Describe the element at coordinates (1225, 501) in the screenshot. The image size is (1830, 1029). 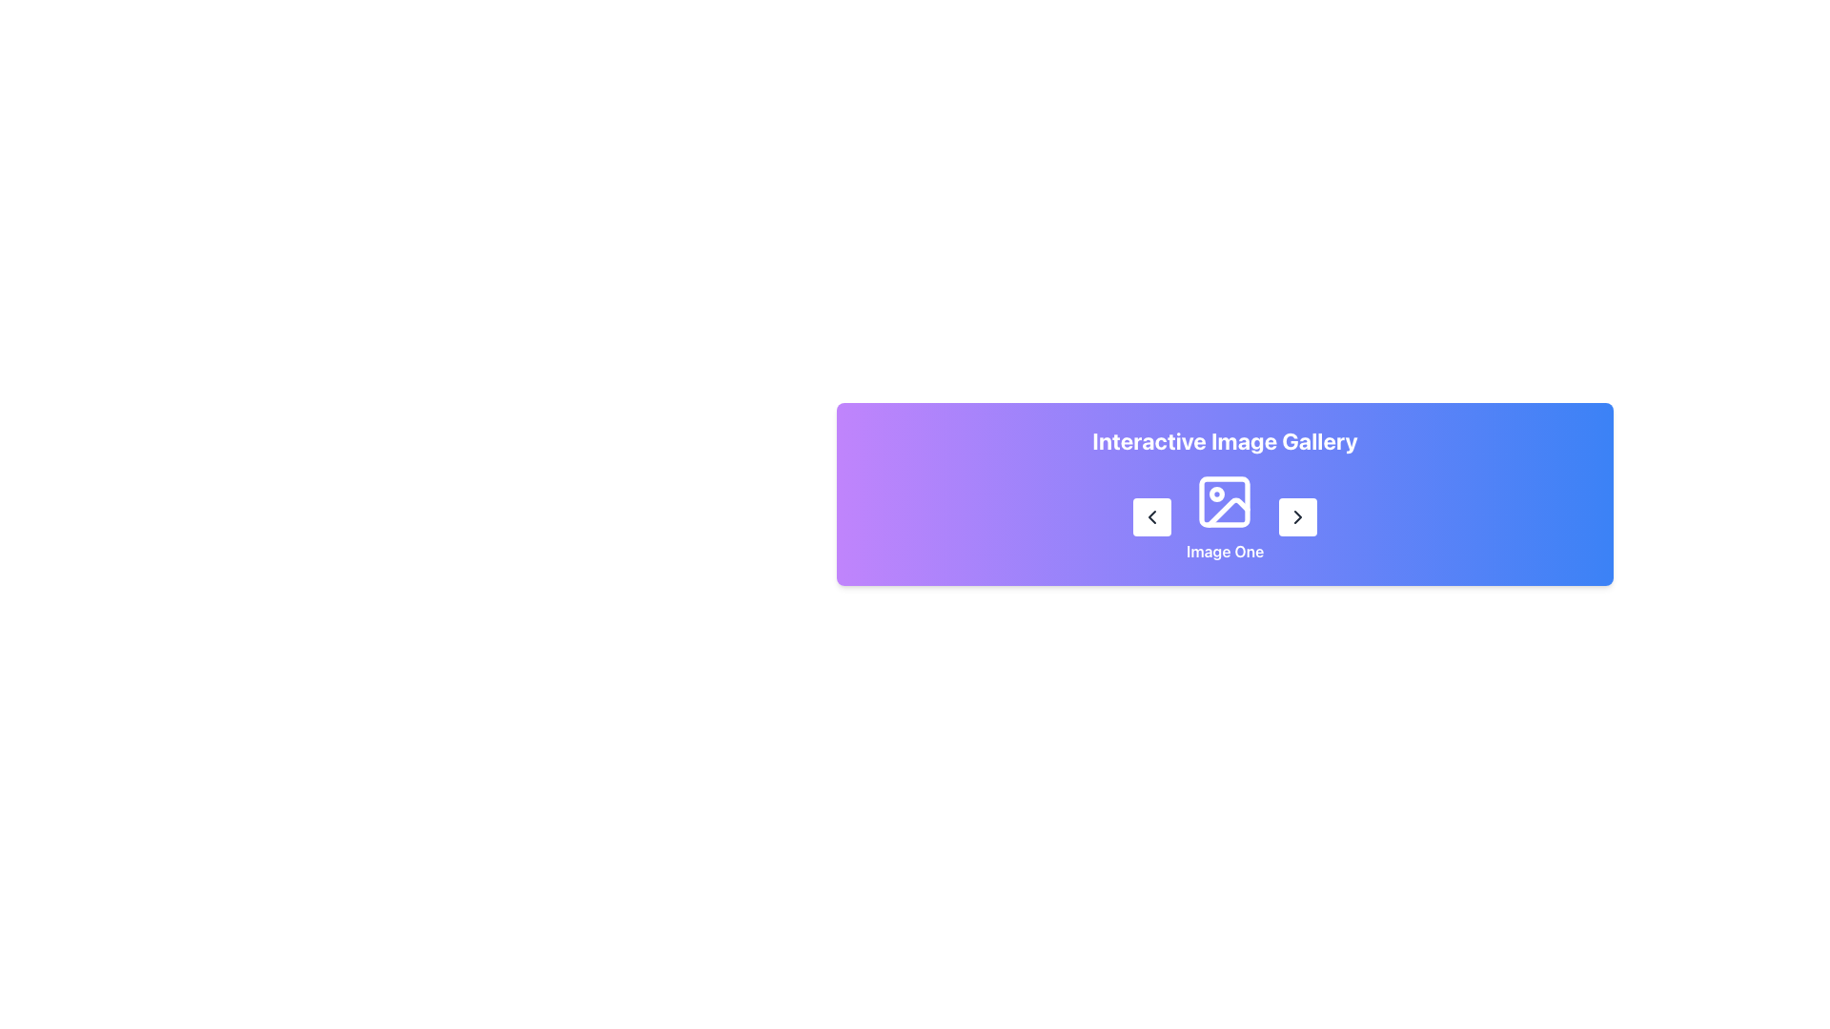
I see `the icon representing the image in the 'Interactive Image Gallery' that is positioned above the text 'Image One'` at that location.